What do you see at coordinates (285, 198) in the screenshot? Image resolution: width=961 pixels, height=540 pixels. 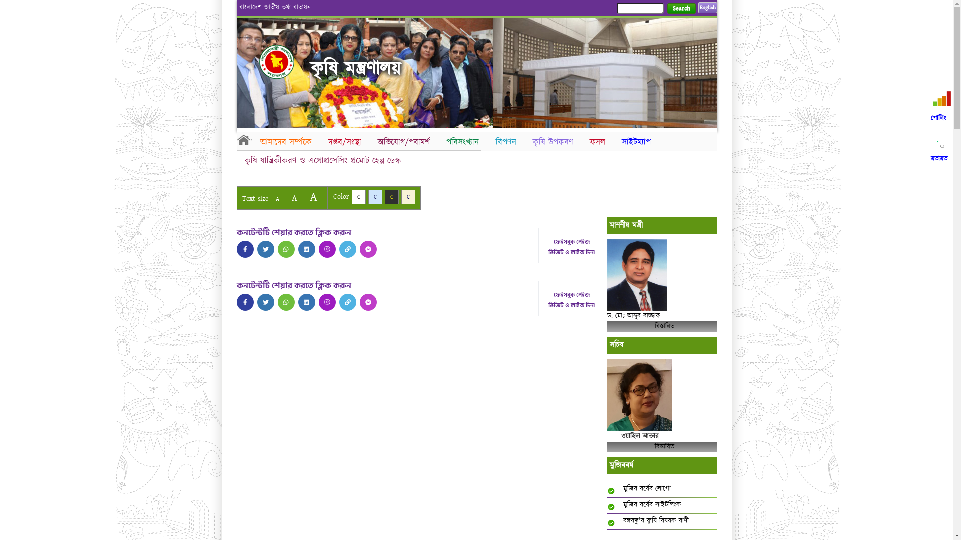 I see `'A'` at bounding box center [285, 198].